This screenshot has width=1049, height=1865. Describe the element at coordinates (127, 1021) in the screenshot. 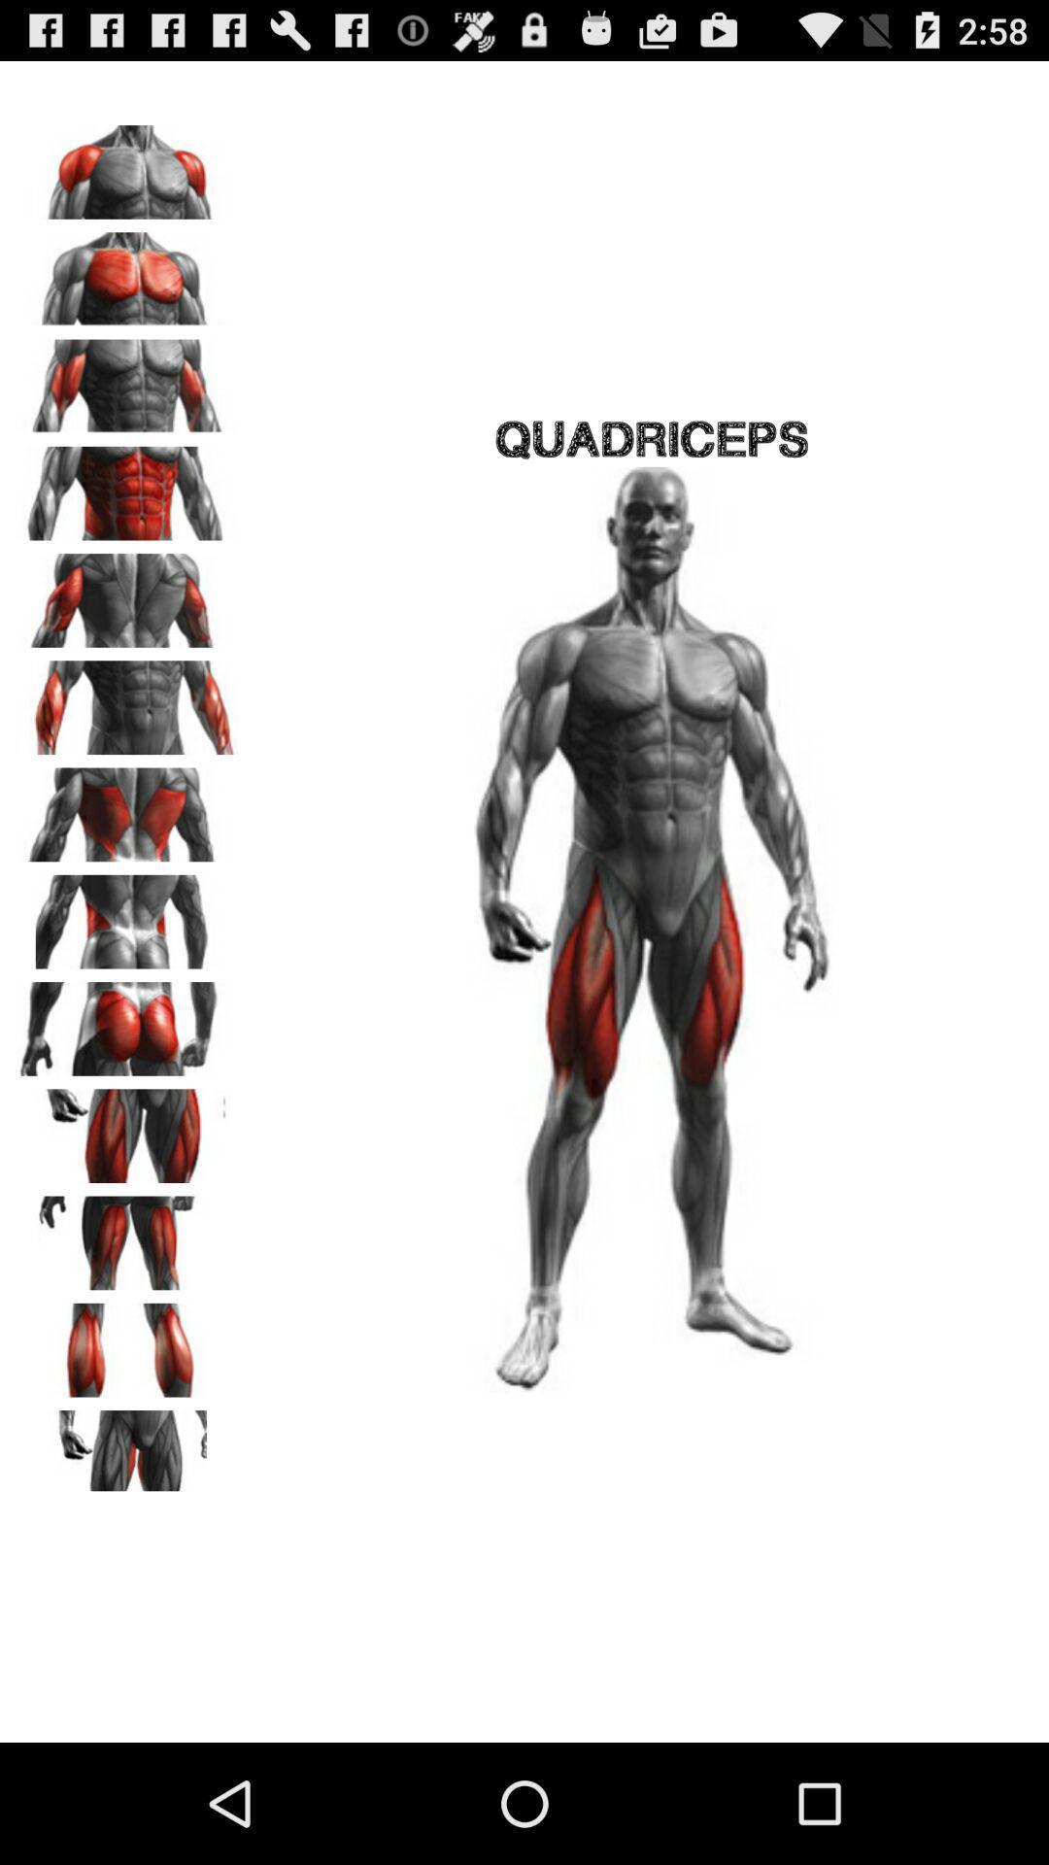

I see `make selection` at that location.